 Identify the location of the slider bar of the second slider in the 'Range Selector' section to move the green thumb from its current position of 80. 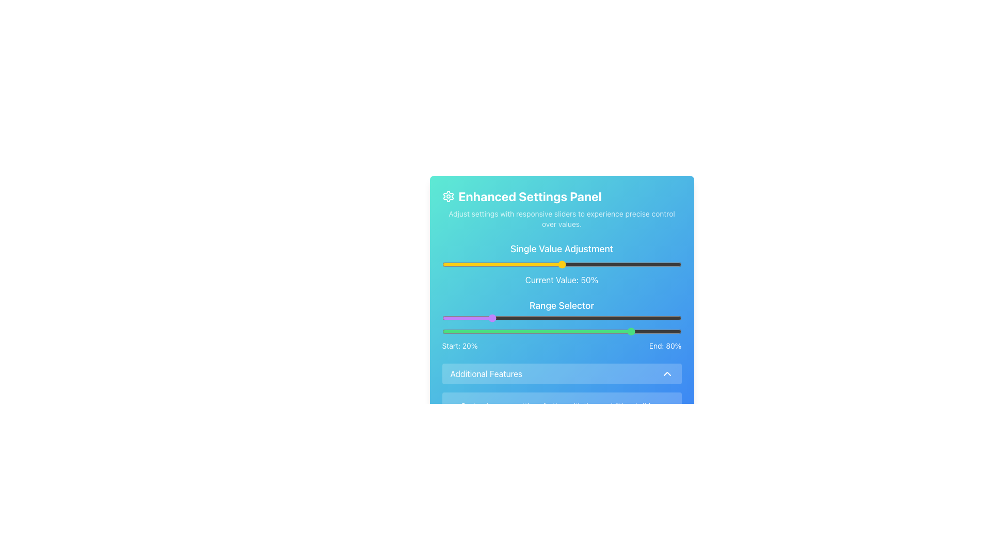
(561, 332).